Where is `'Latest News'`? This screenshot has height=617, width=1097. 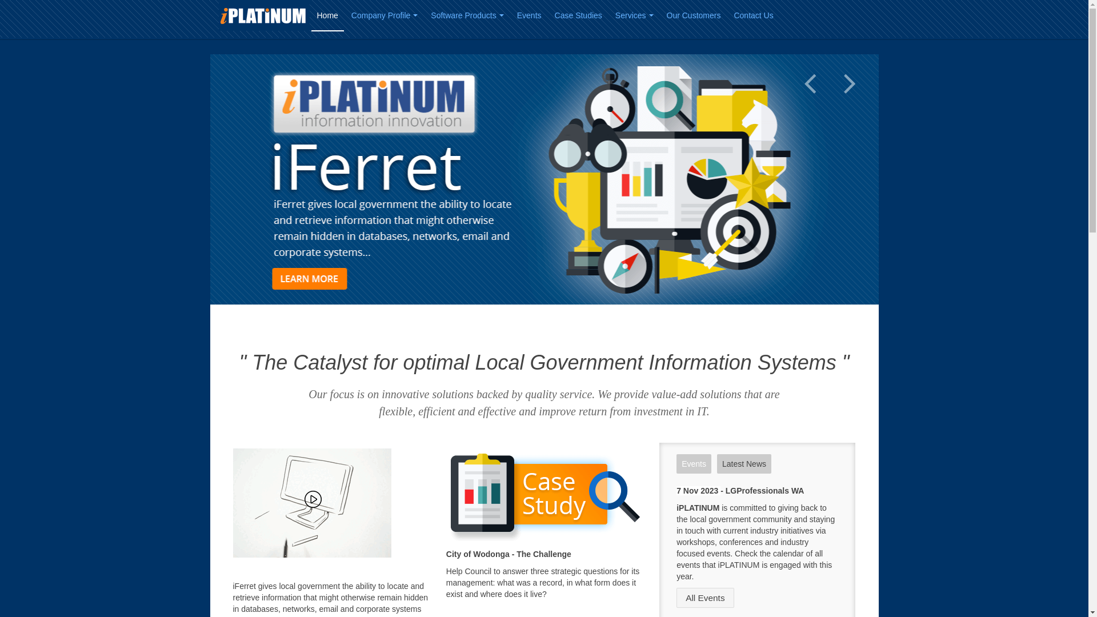 'Latest News' is located at coordinates (744, 464).